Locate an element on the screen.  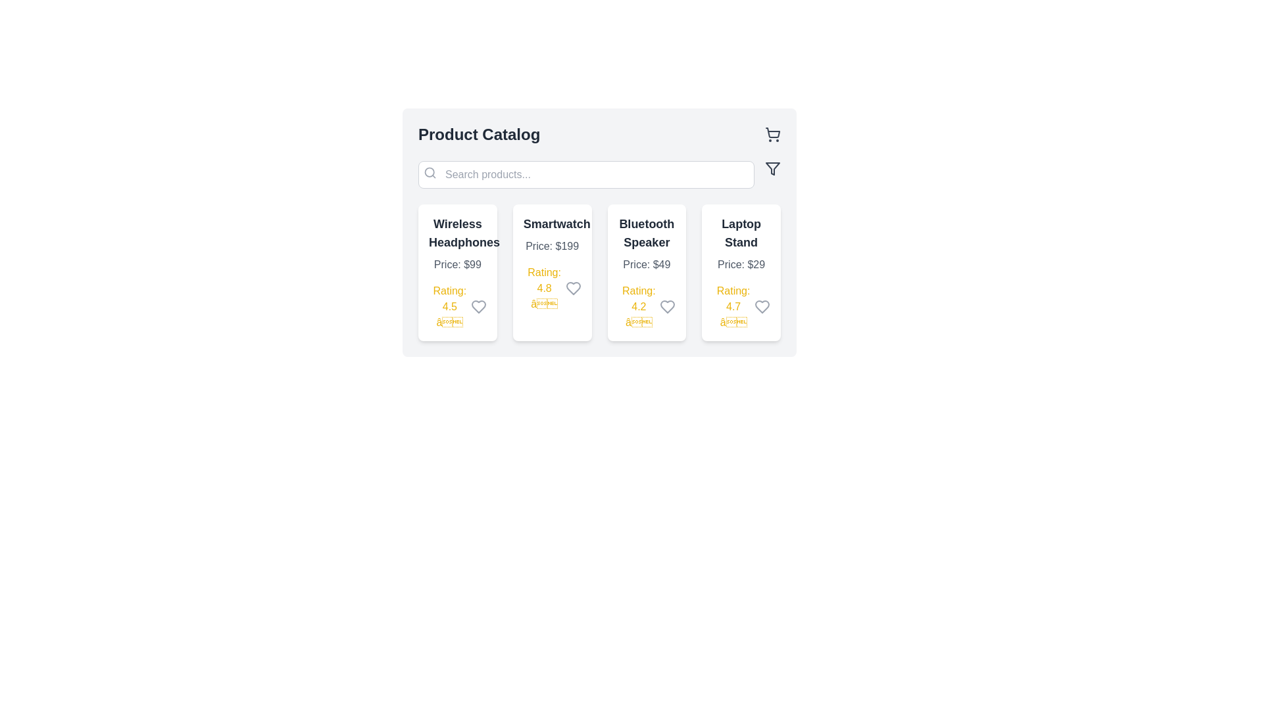
the Text Display that shows the product rating for the 'Bluetooth Speaker', located beneath the price label and above the heart-shaped icon is located at coordinates (639, 306).